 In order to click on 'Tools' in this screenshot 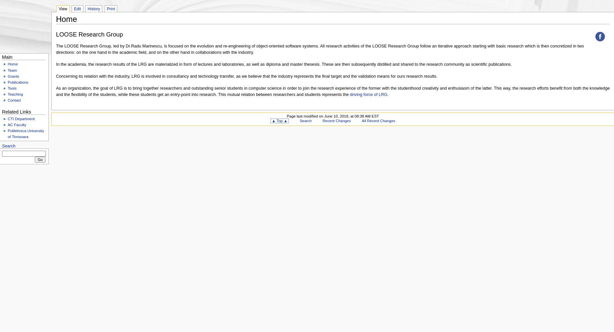, I will do `click(12, 88)`.